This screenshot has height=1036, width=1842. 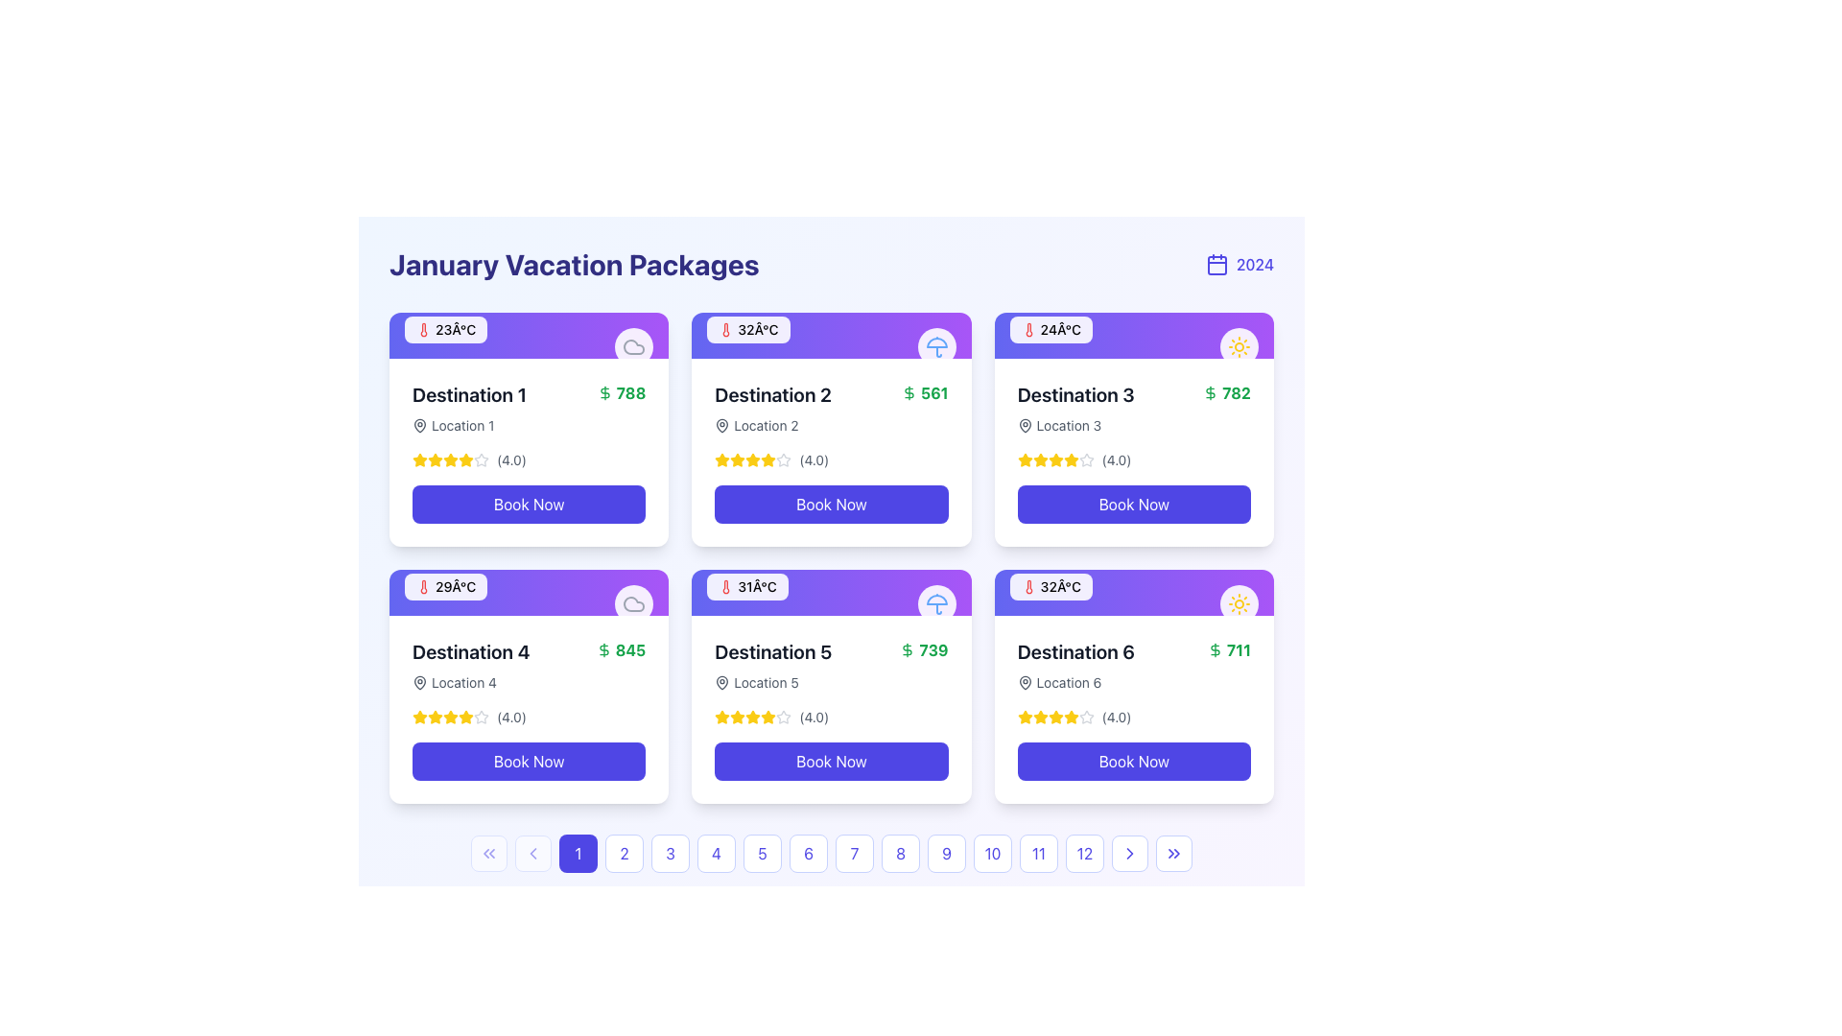 What do you see at coordinates (435, 718) in the screenshot?
I see `the second star icon in the rating system for 'Destination 4' to interact with the rating` at bounding box center [435, 718].